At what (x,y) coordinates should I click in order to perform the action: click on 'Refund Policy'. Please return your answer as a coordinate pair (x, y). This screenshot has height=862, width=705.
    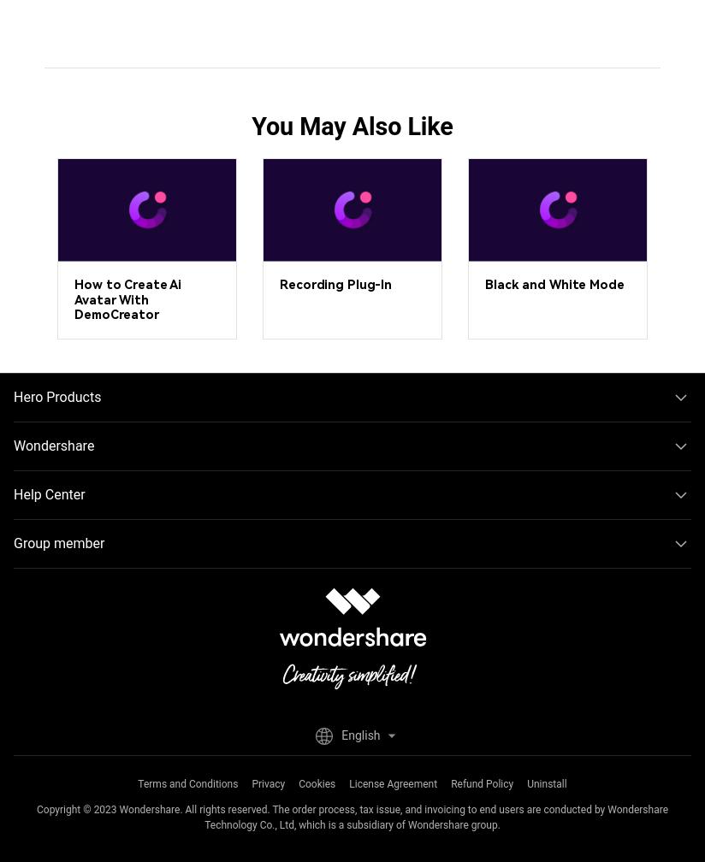
    Looking at the image, I should click on (451, 783).